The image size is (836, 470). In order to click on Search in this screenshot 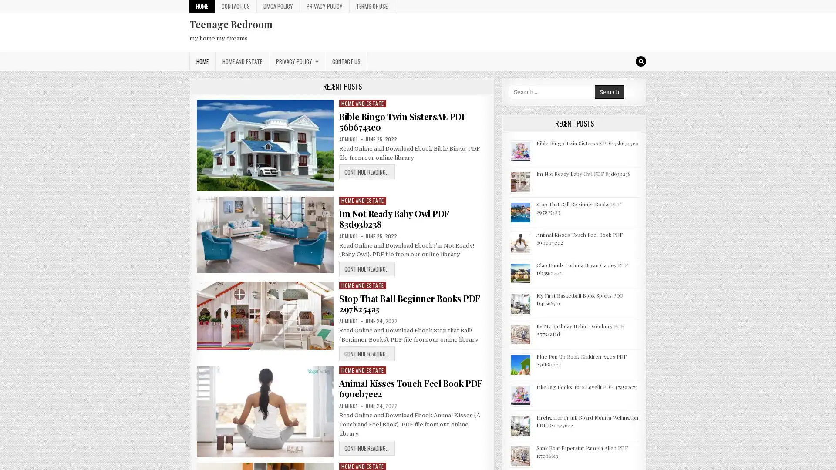, I will do `click(609, 92)`.